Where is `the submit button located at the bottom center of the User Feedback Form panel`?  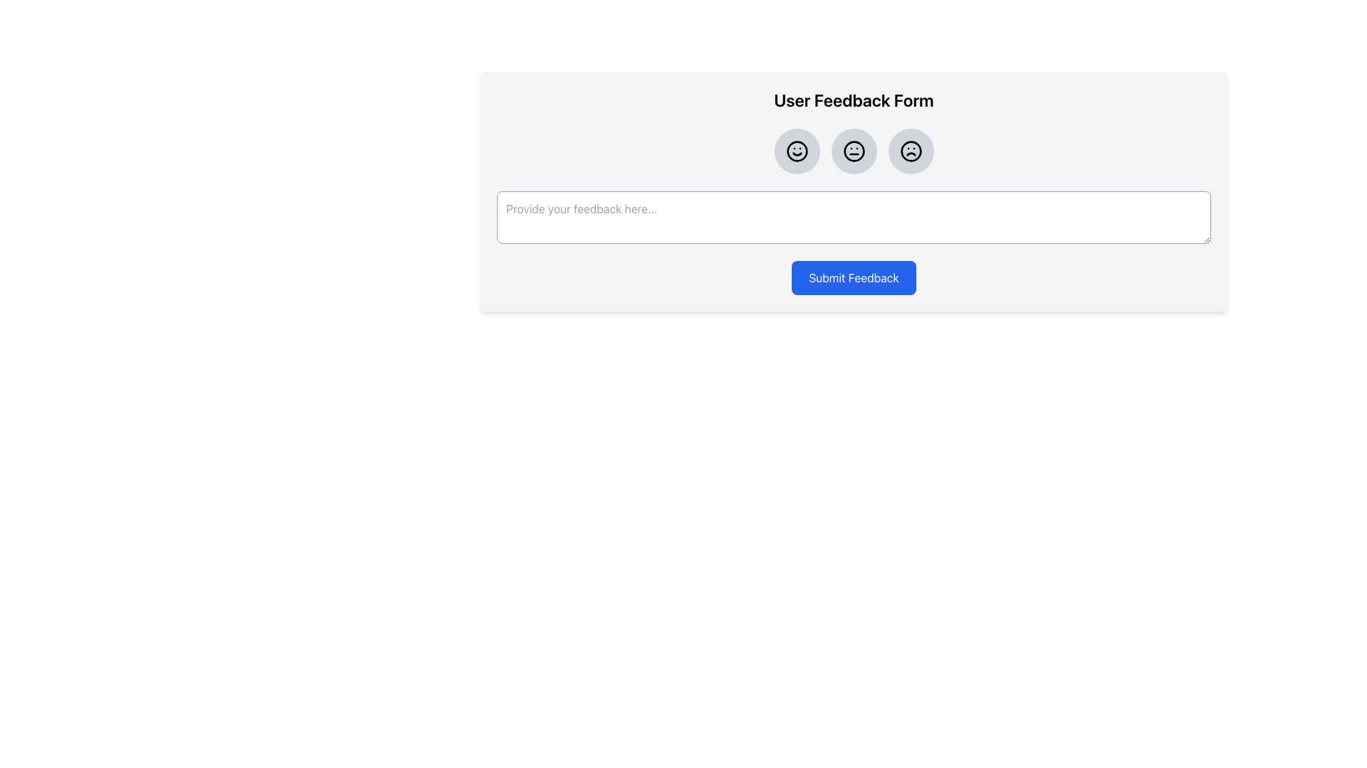
the submit button located at the bottom center of the User Feedback Form panel is located at coordinates (854, 277).